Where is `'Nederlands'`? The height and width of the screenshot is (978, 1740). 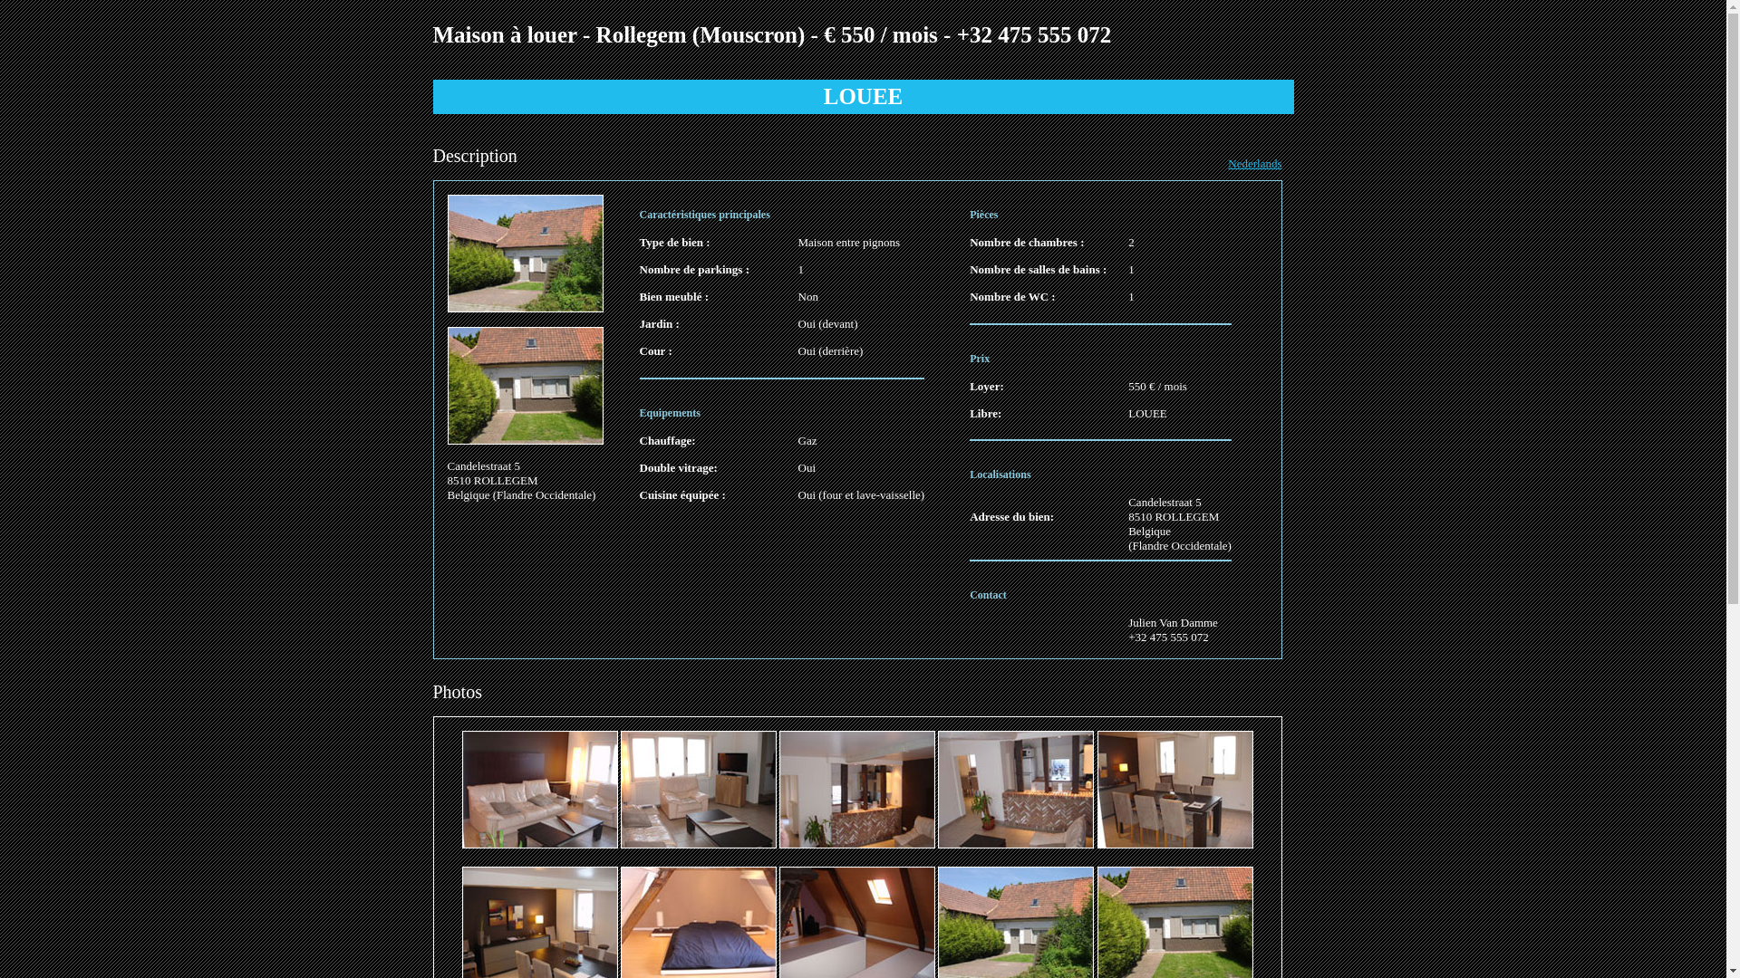
'Nederlands' is located at coordinates (1227, 163).